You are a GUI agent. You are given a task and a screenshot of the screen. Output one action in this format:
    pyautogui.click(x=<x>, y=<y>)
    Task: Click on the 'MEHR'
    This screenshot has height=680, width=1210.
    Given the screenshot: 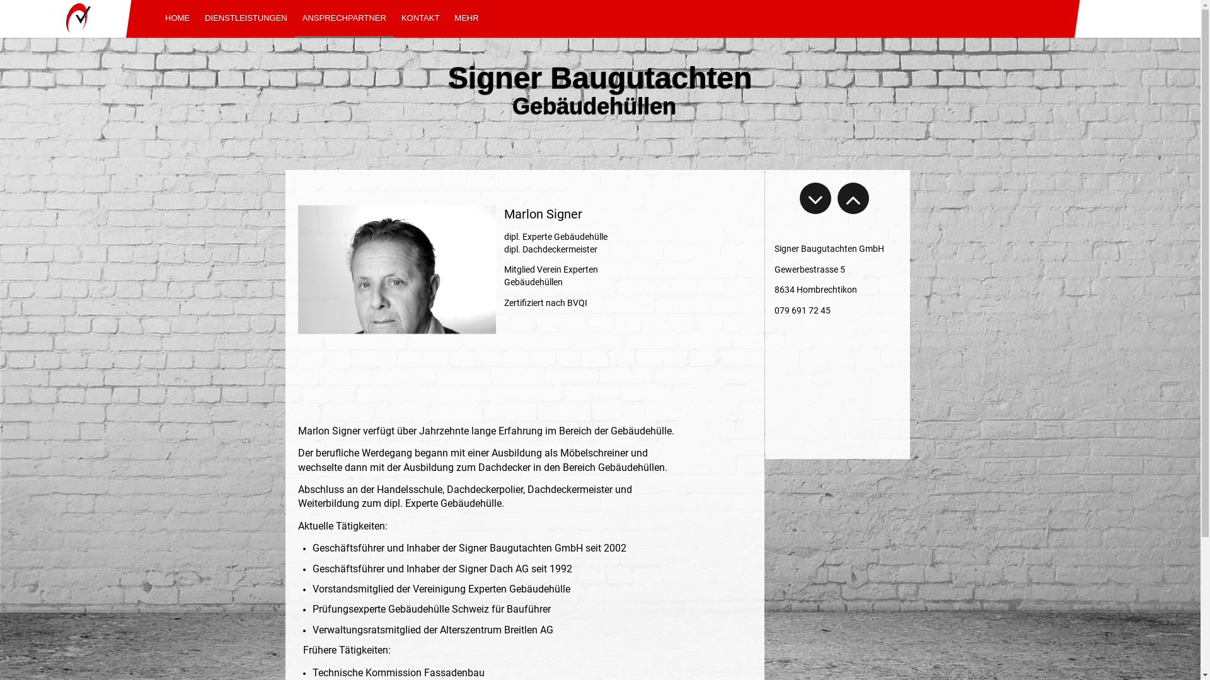 What is the action you would take?
    pyautogui.click(x=447, y=18)
    